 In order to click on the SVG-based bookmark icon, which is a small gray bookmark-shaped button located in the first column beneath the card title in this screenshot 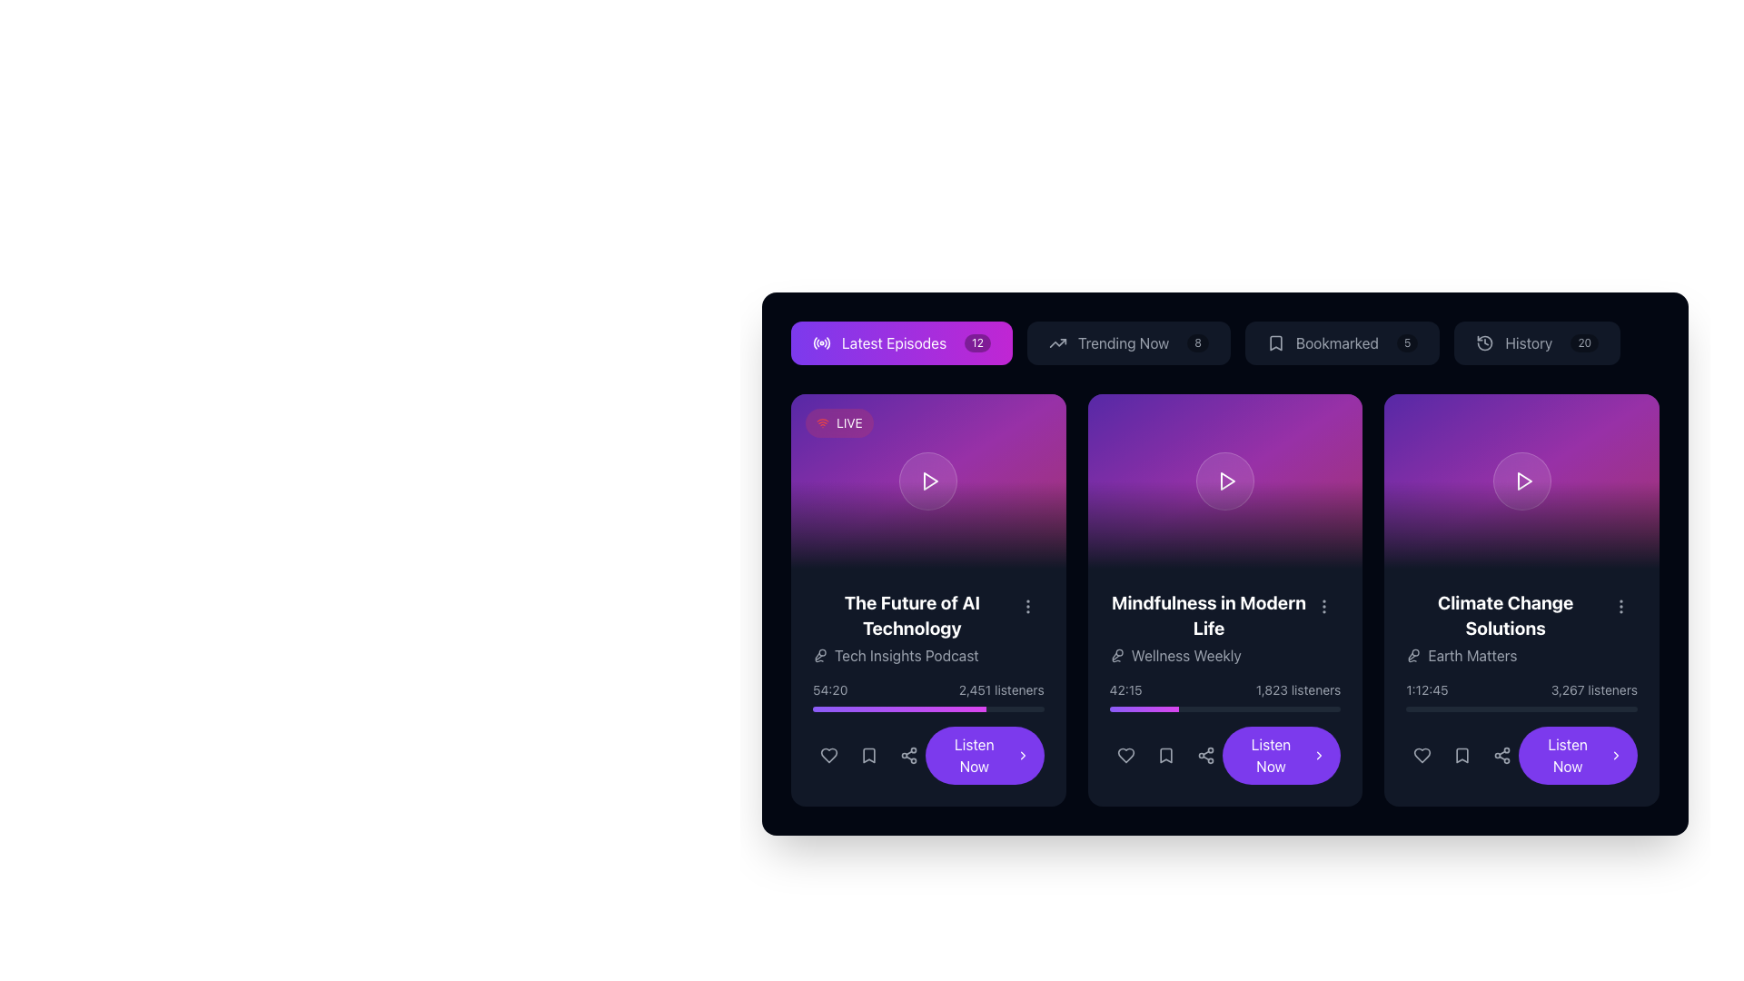, I will do `click(867, 756)`.